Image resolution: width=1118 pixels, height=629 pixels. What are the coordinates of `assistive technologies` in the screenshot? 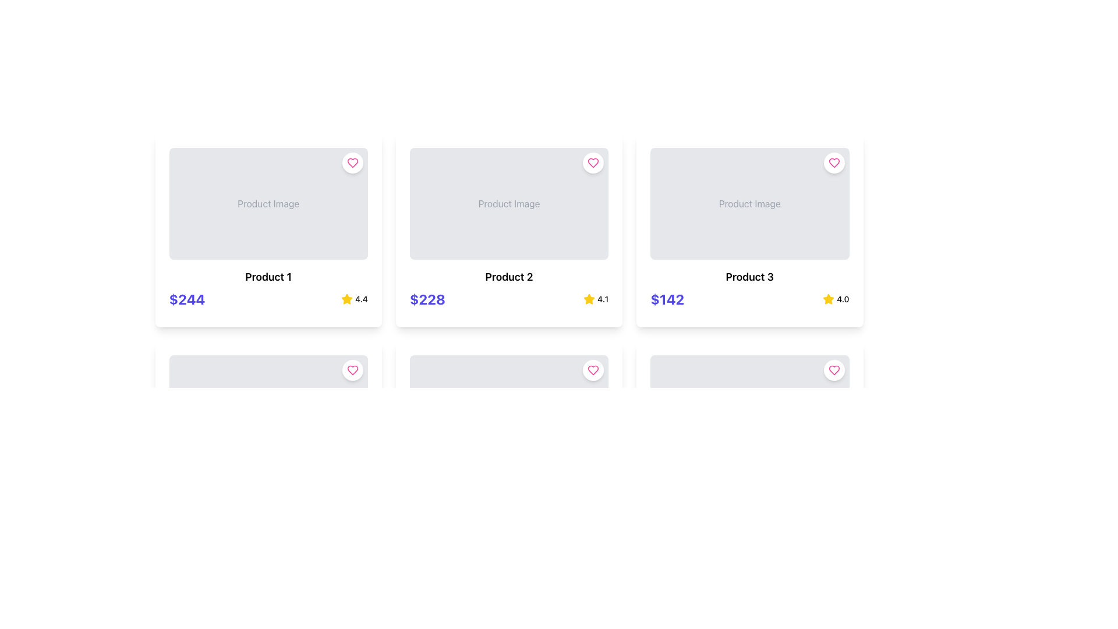 It's located at (667, 298).